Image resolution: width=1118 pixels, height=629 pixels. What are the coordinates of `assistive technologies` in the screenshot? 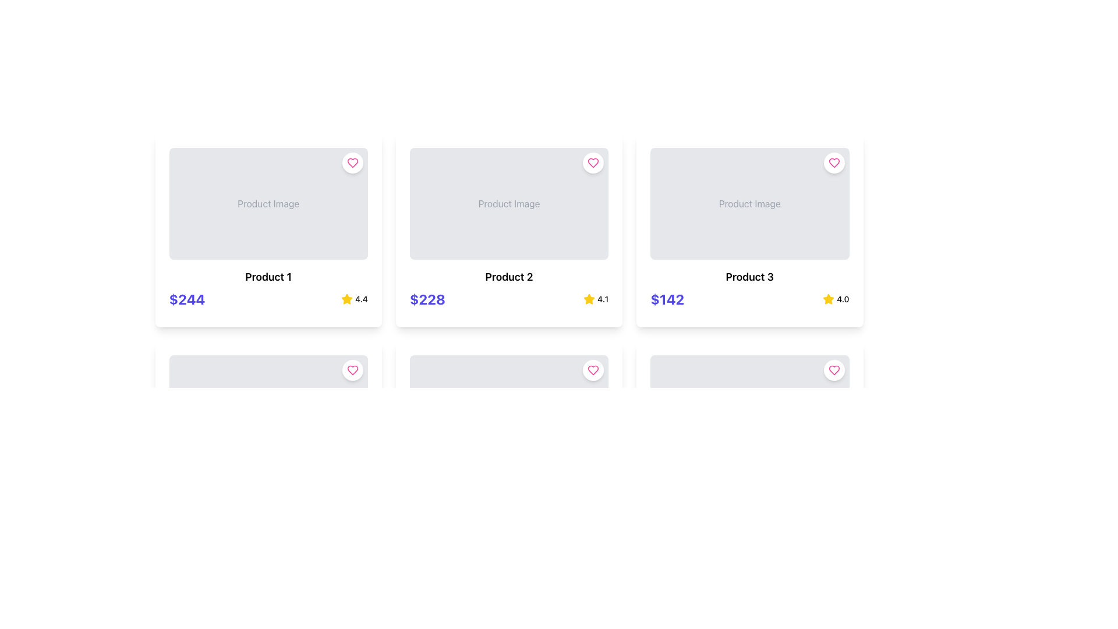 It's located at (667, 298).